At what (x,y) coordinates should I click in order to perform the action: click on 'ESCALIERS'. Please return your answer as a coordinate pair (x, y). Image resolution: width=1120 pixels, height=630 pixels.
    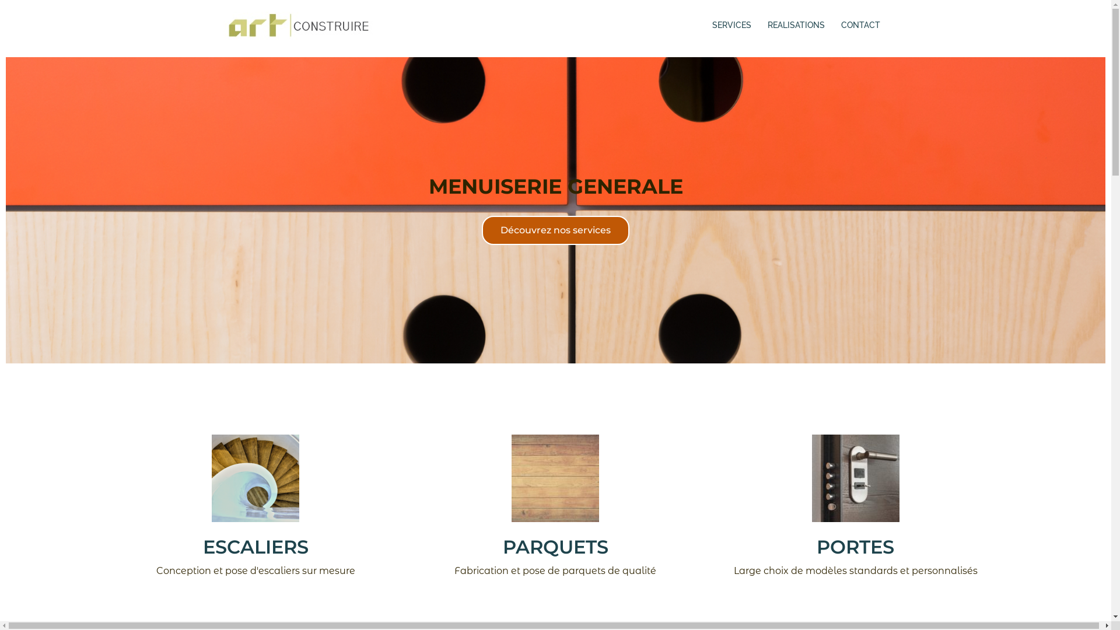
    Looking at the image, I should click on (255, 547).